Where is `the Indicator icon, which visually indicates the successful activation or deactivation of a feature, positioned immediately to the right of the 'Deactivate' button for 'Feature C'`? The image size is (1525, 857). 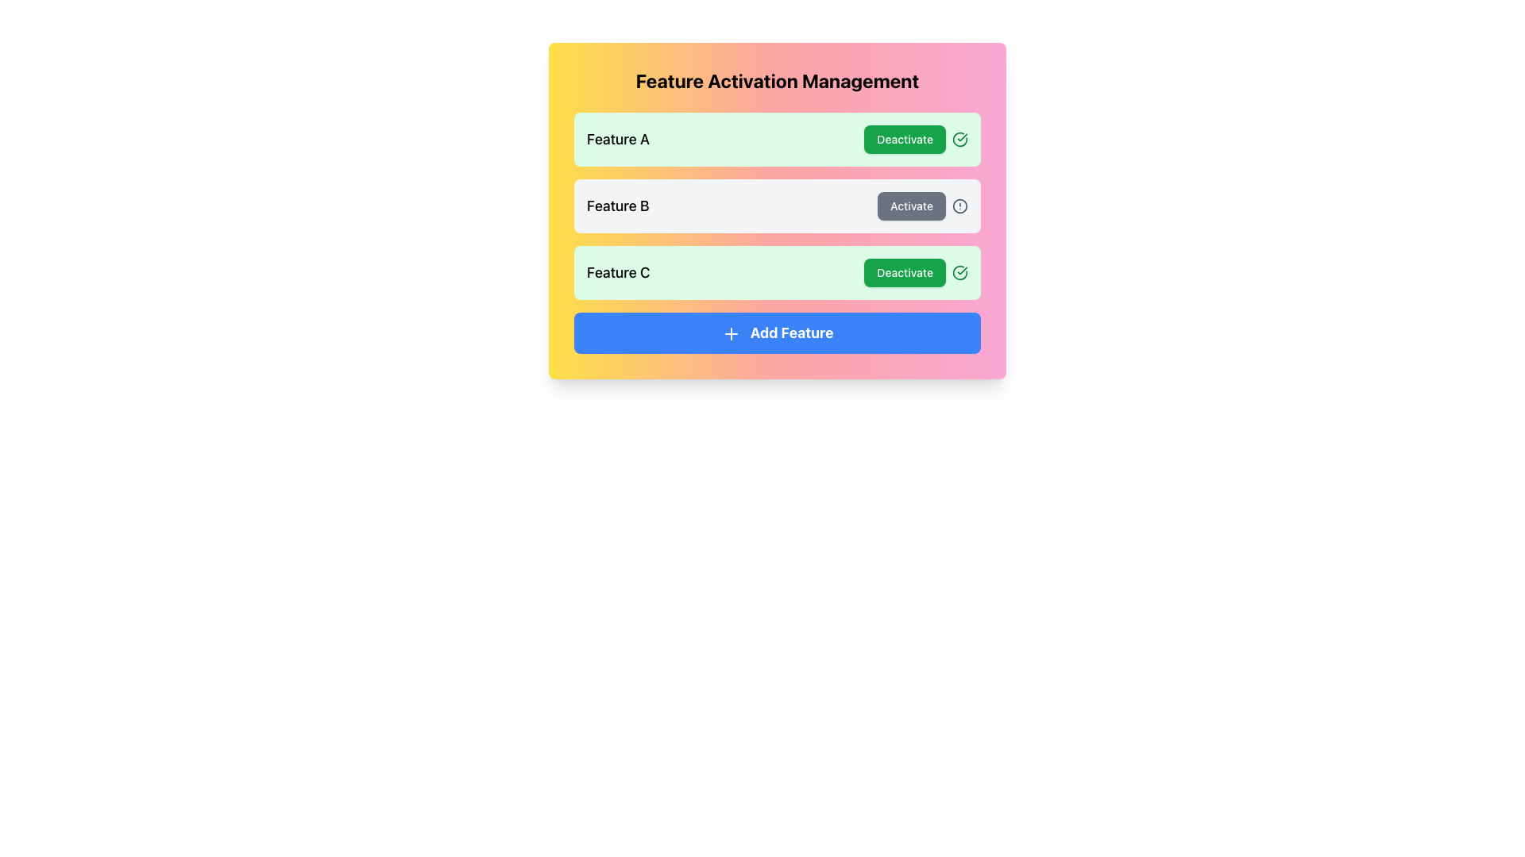
the Indicator icon, which visually indicates the successful activation or deactivation of a feature, positioned immediately to the right of the 'Deactivate' button for 'Feature C' is located at coordinates (959, 139).